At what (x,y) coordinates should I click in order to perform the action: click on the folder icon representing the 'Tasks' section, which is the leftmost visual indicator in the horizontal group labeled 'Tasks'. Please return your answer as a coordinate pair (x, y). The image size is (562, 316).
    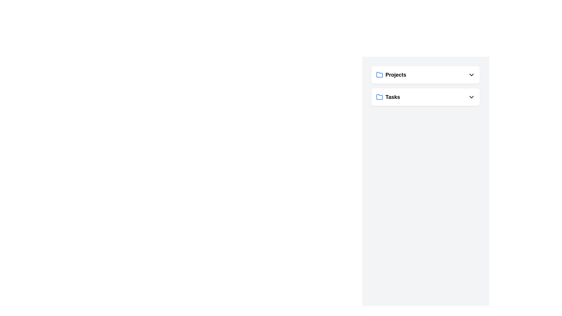
    Looking at the image, I should click on (379, 97).